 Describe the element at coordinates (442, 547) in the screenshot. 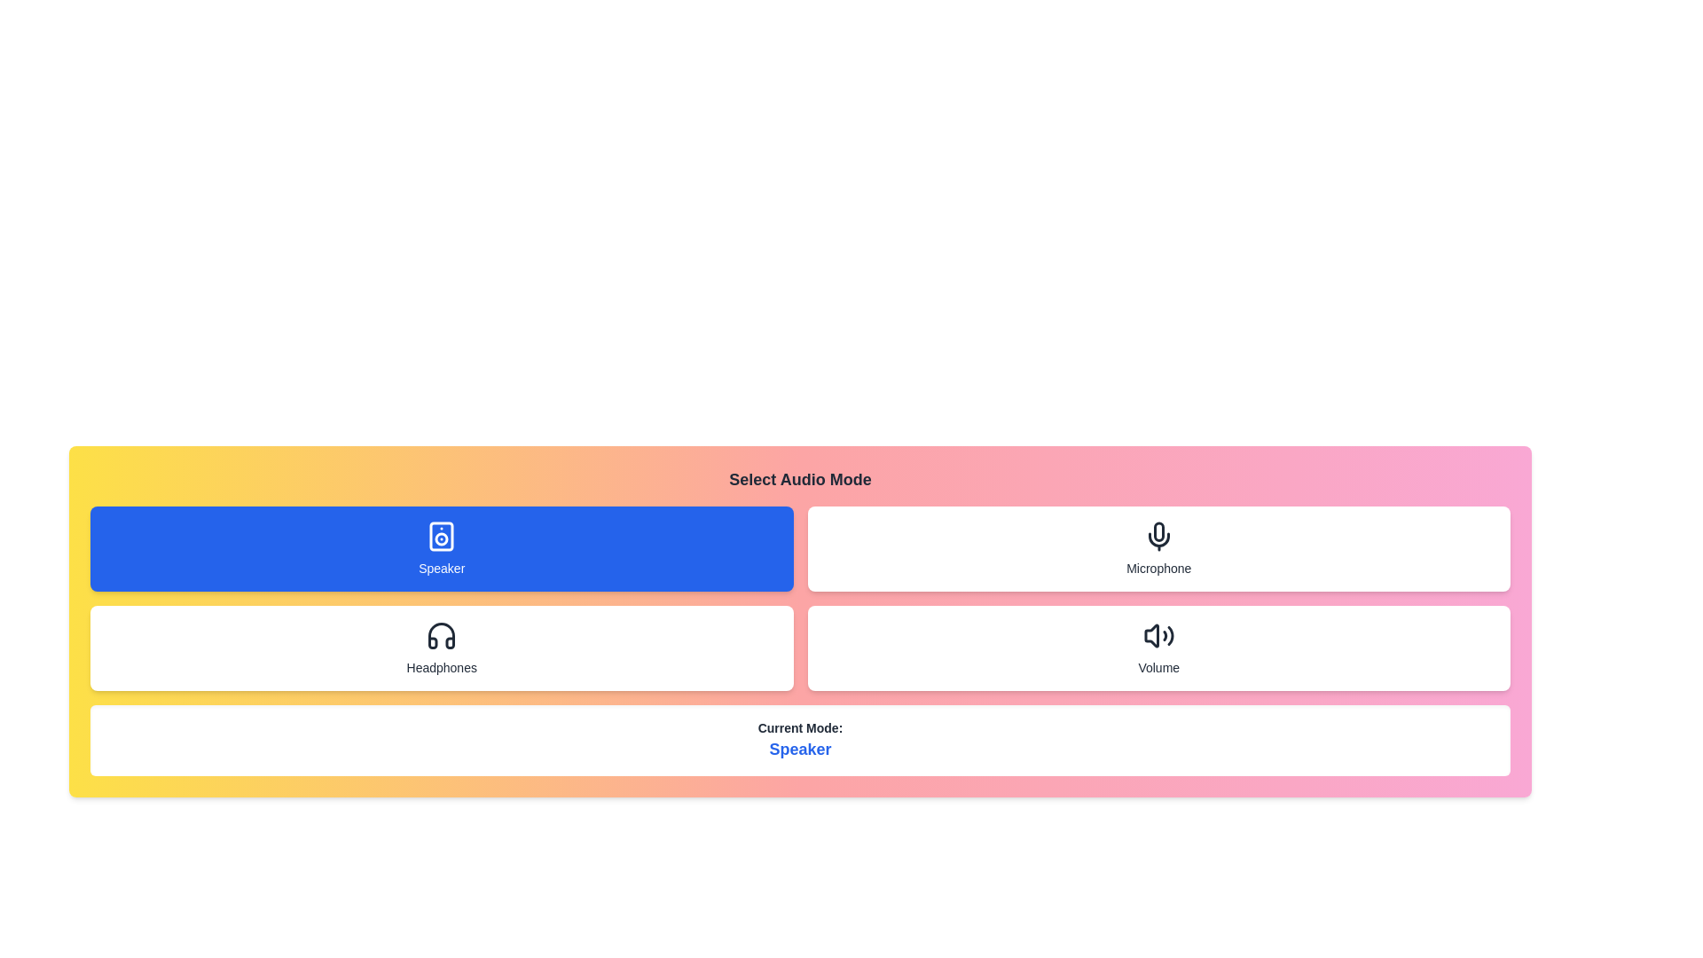

I see `the audio mode to Speaker` at that location.